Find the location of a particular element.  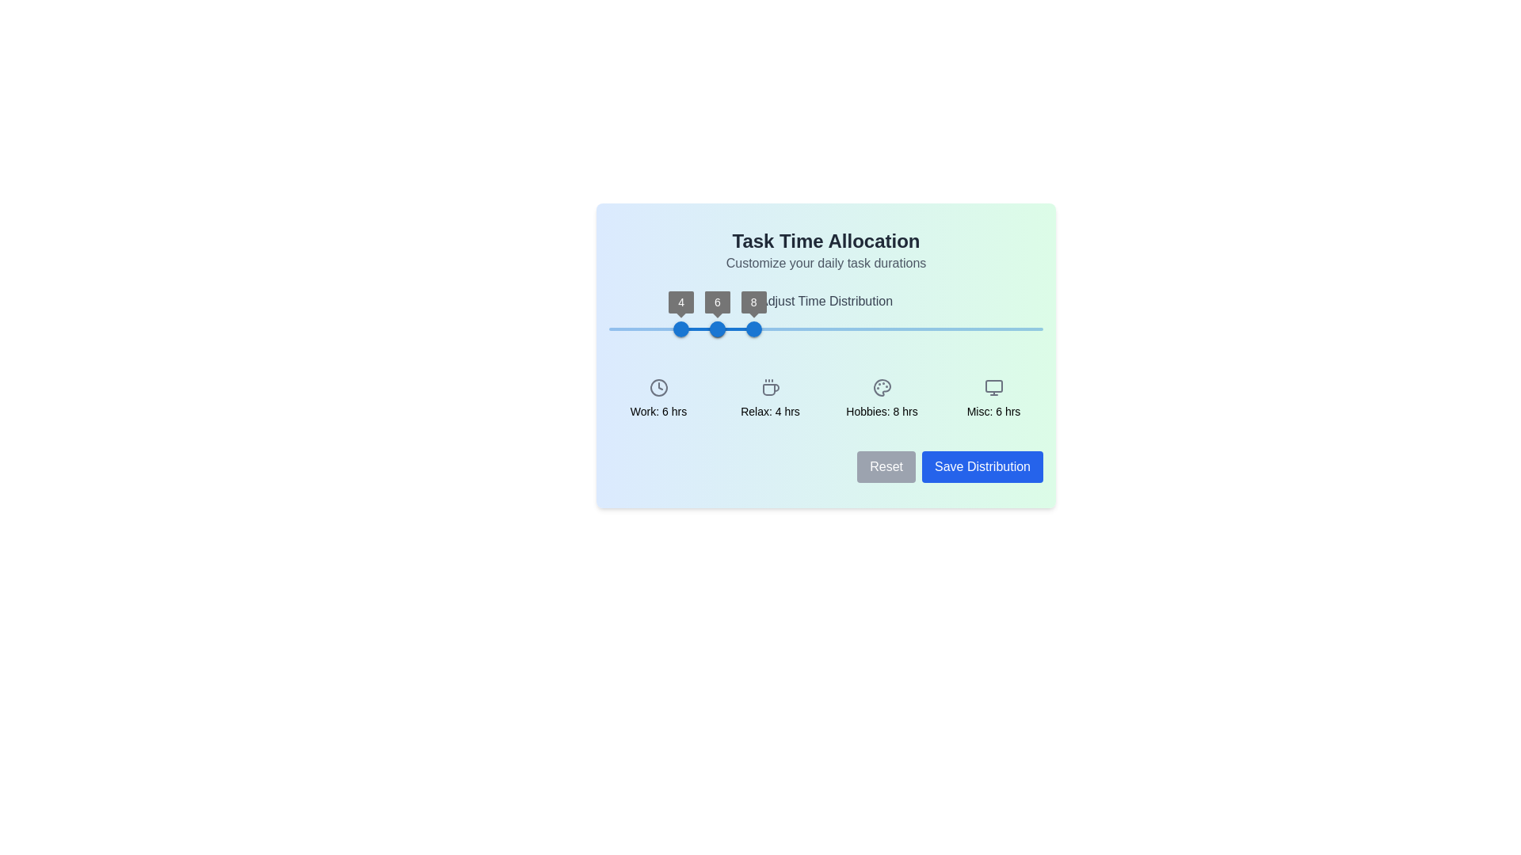

the textual label indicating 8 hours for hobbies in the task time distribution interface, which is the third element in a row of four, positioned between 'Relax: 4 hrs' and 'Misc: 6 hrs' is located at coordinates (881, 398).